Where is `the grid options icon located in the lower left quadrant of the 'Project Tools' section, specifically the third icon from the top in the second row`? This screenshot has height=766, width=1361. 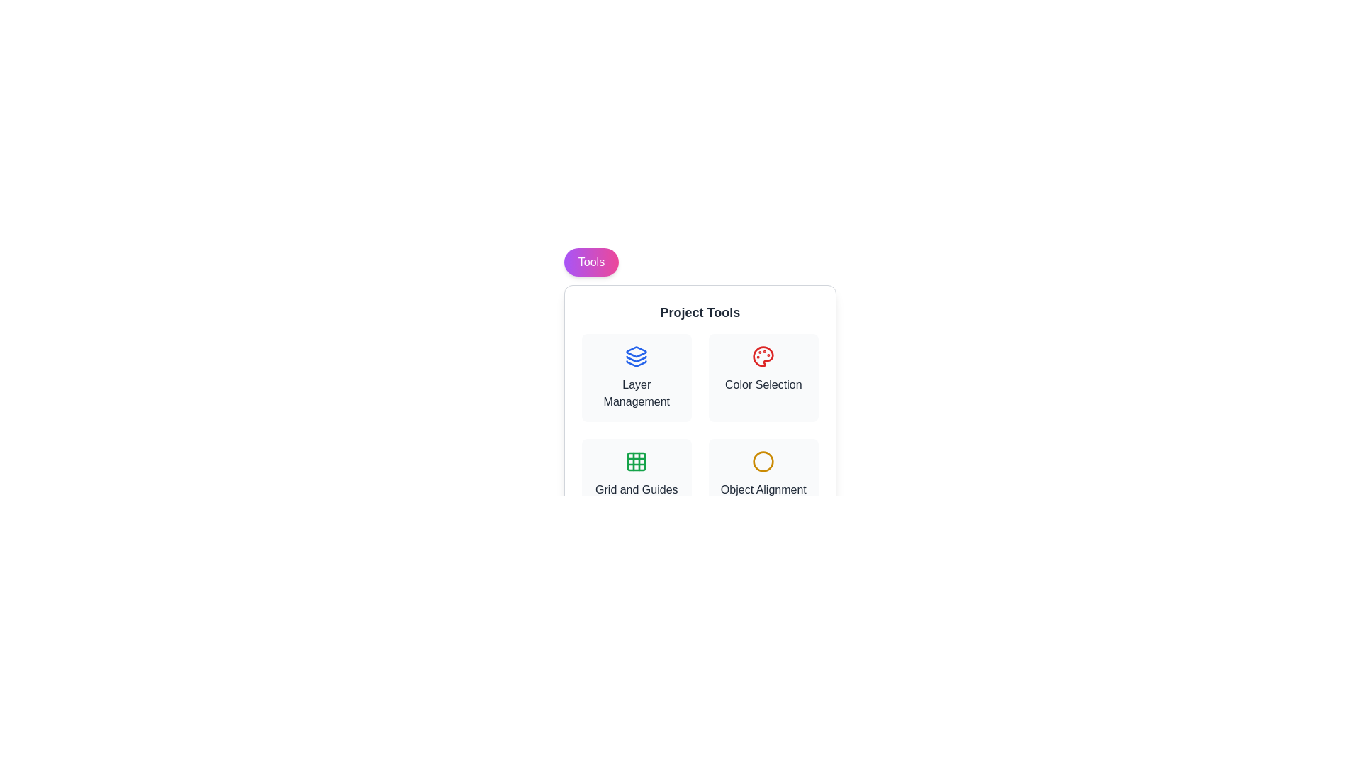
the grid options icon located in the lower left quadrant of the 'Project Tools' section, specifically the third icon from the top in the second row is located at coordinates (636, 462).